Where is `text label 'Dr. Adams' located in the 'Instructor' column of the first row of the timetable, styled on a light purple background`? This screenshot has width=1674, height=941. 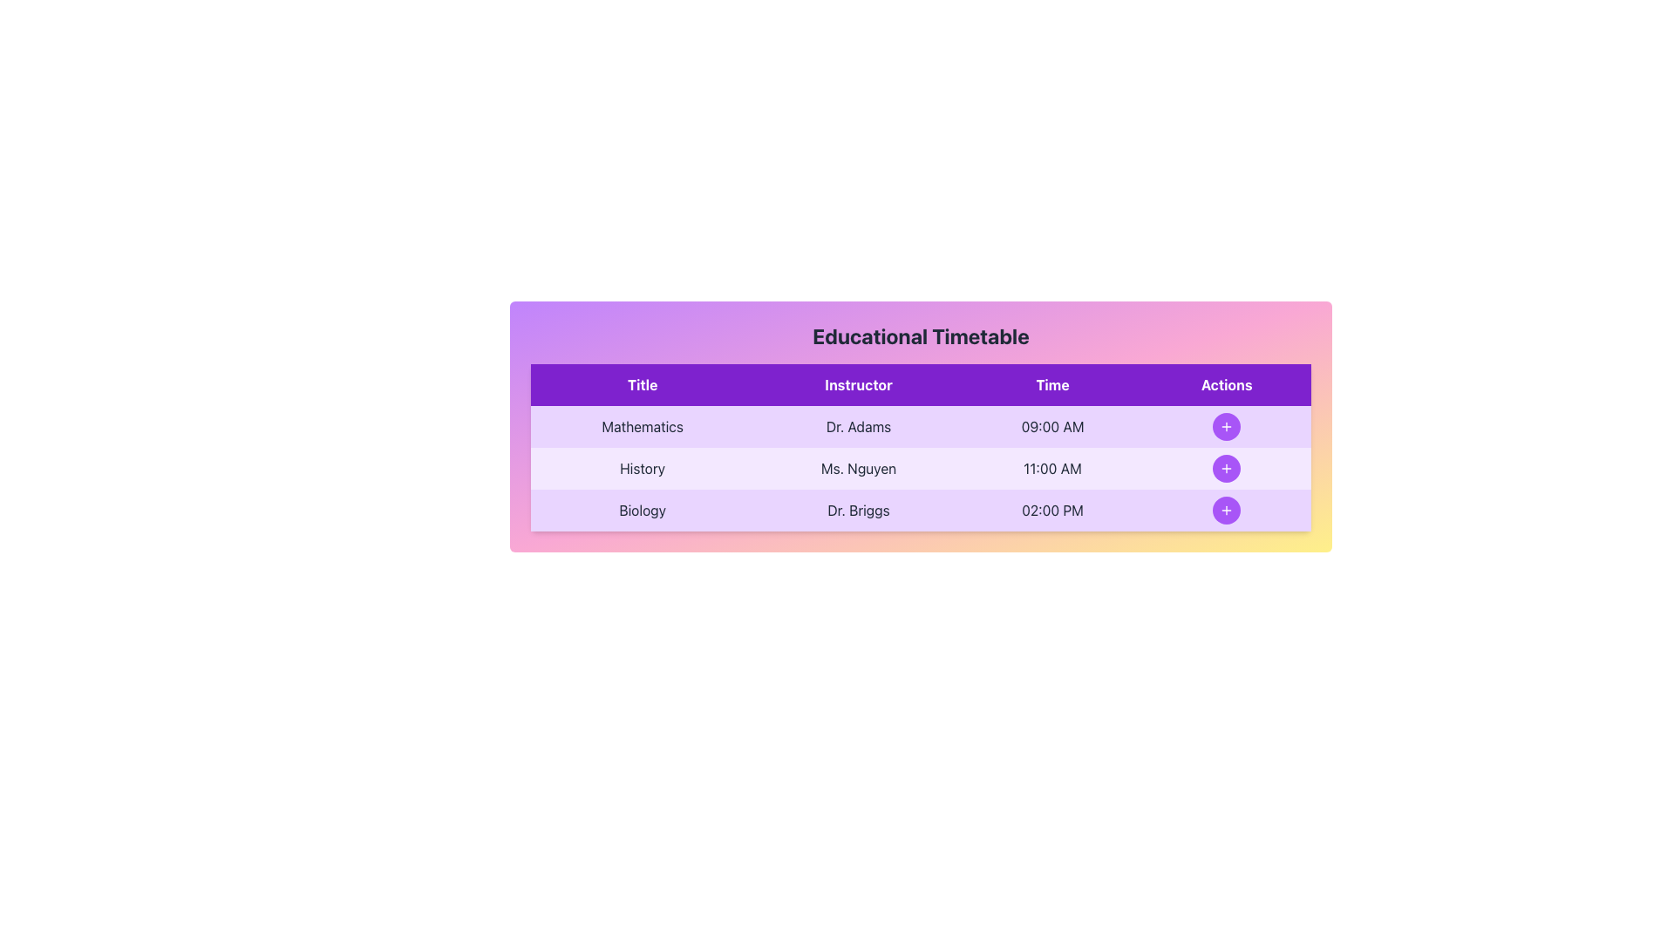 text label 'Dr. Adams' located in the 'Instructor' column of the first row of the timetable, styled on a light purple background is located at coordinates (858, 426).